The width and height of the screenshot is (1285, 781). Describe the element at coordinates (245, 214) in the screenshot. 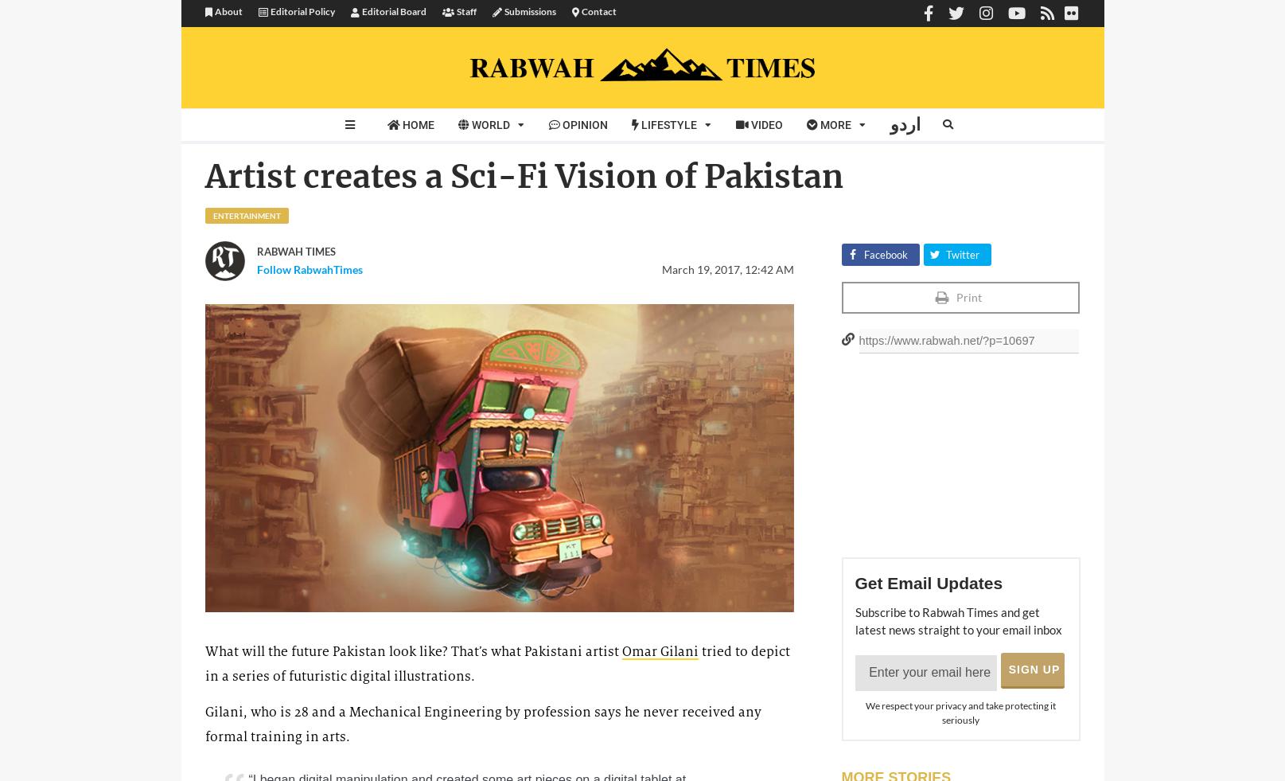

I see `'Entertainment'` at that location.